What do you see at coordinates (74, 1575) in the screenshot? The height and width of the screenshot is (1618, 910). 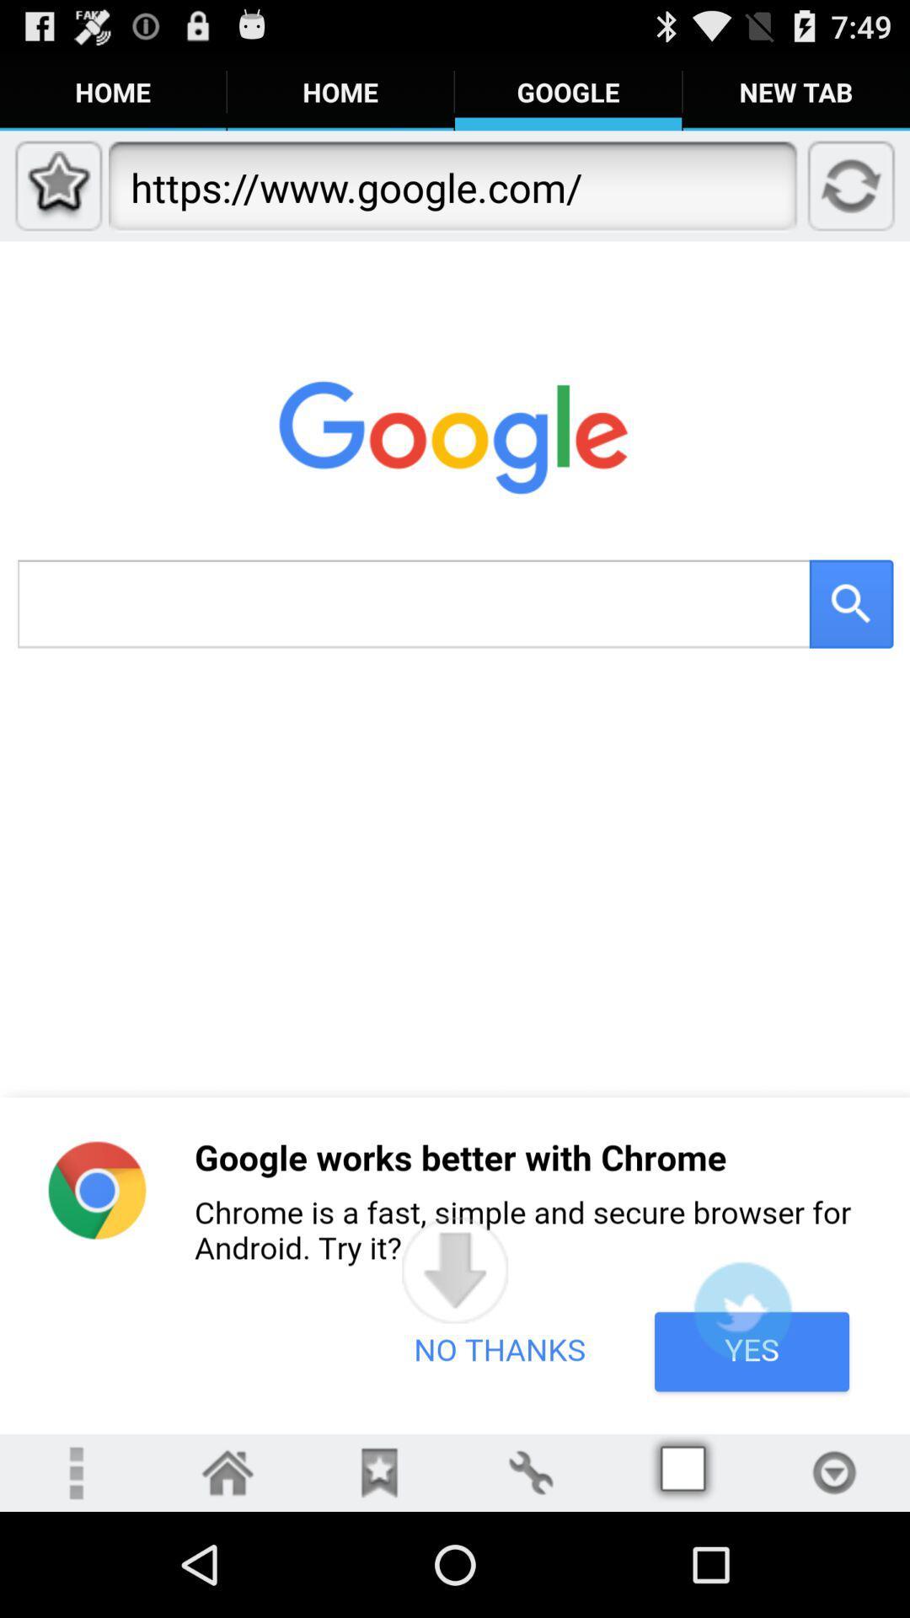 I see `the more icon` at bounding box center [74, 1575].